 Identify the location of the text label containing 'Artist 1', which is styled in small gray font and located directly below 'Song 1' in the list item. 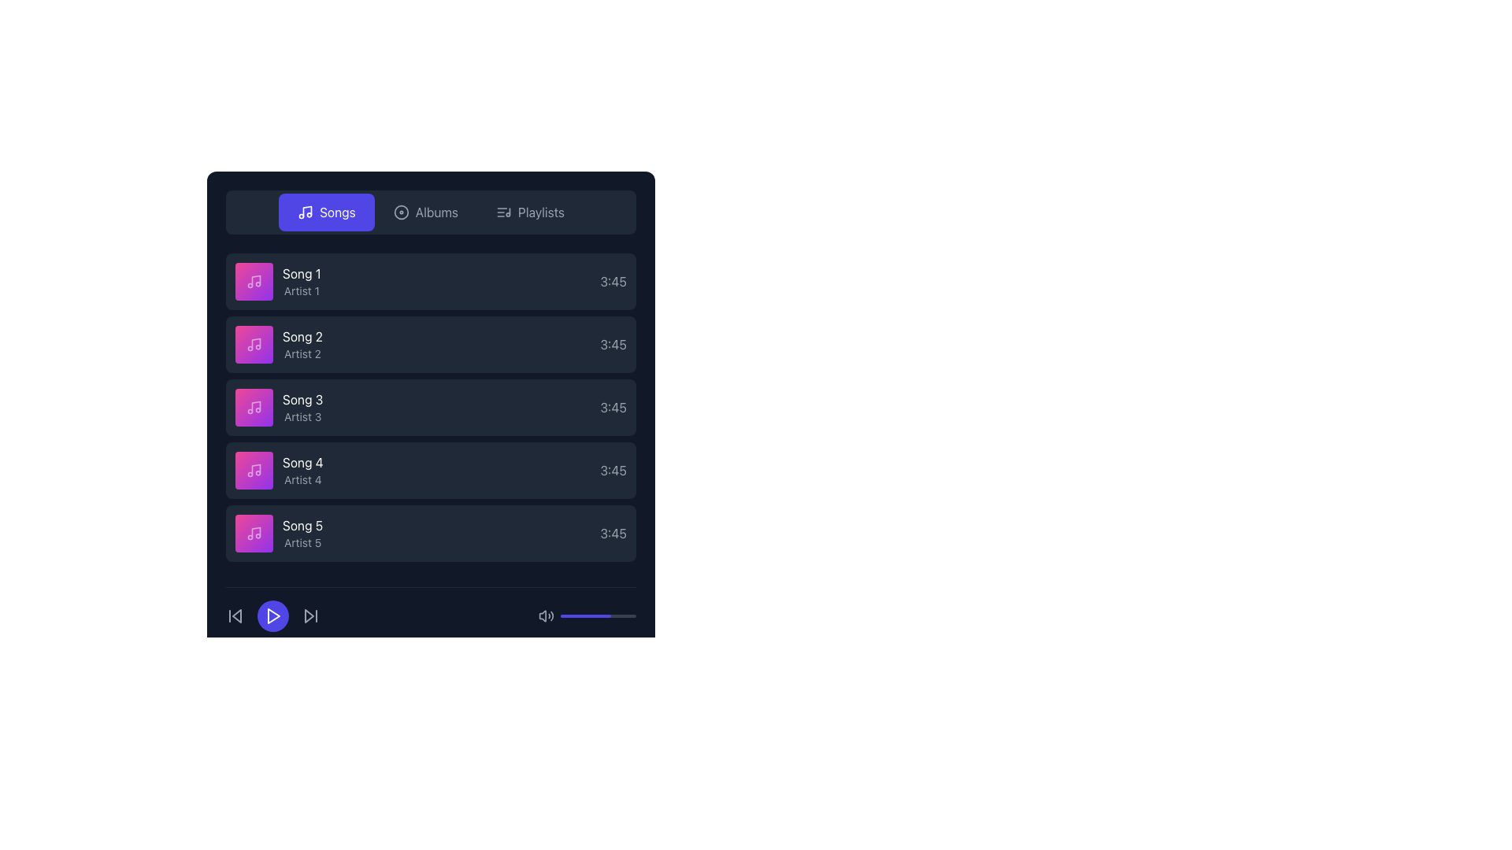
(302, 291).